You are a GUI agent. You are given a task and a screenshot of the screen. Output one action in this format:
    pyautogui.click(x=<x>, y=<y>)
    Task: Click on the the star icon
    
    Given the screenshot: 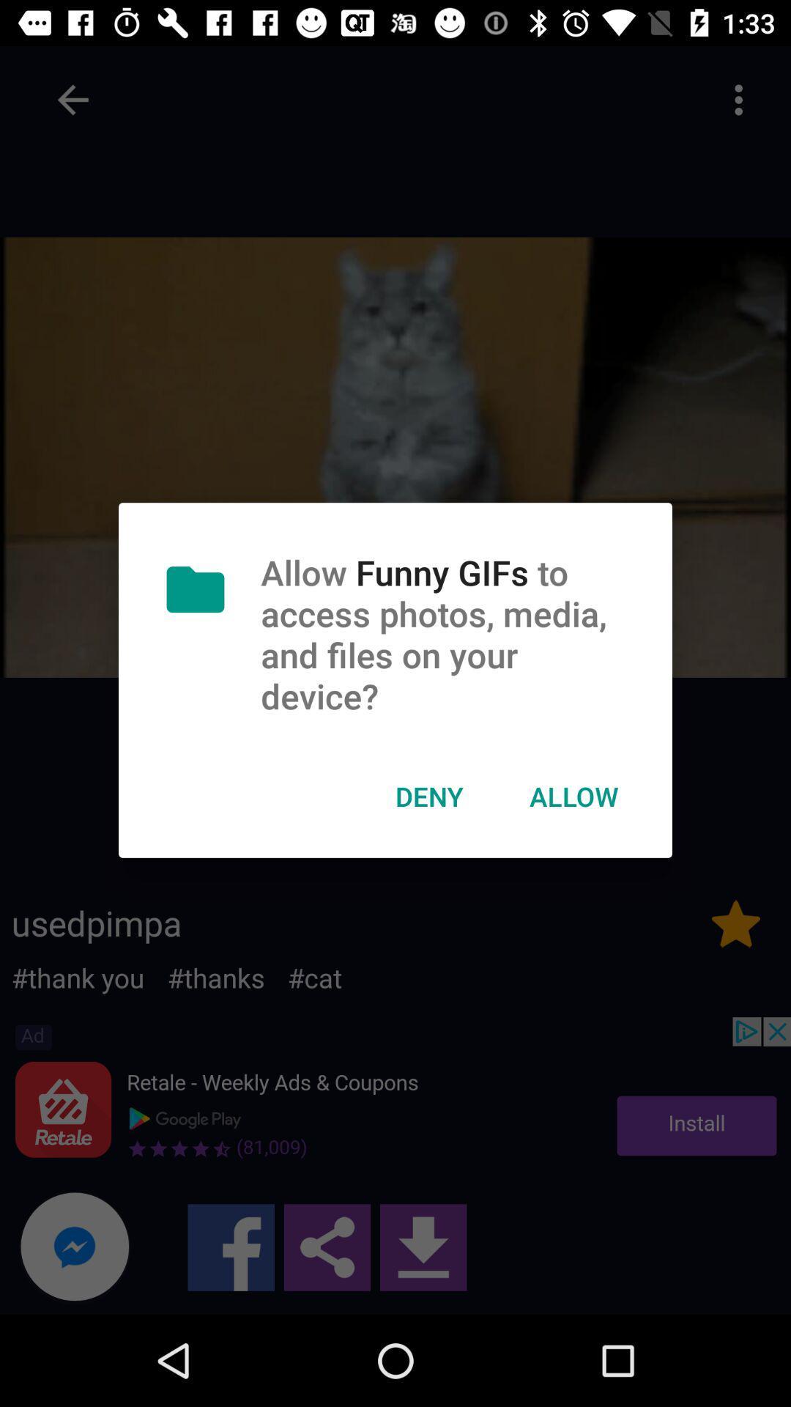 What is the action you would take?
    pyautogui.click(x=736, y=923)
    